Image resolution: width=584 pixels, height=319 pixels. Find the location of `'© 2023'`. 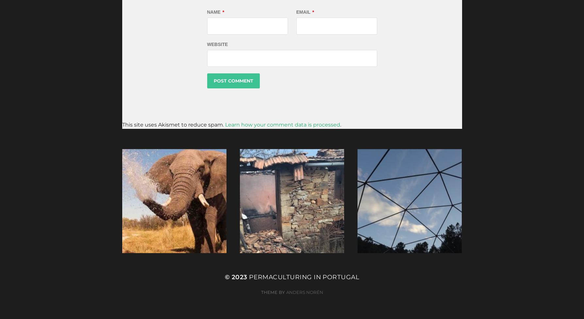

'© 2023' is located at coordinates (237, 276).